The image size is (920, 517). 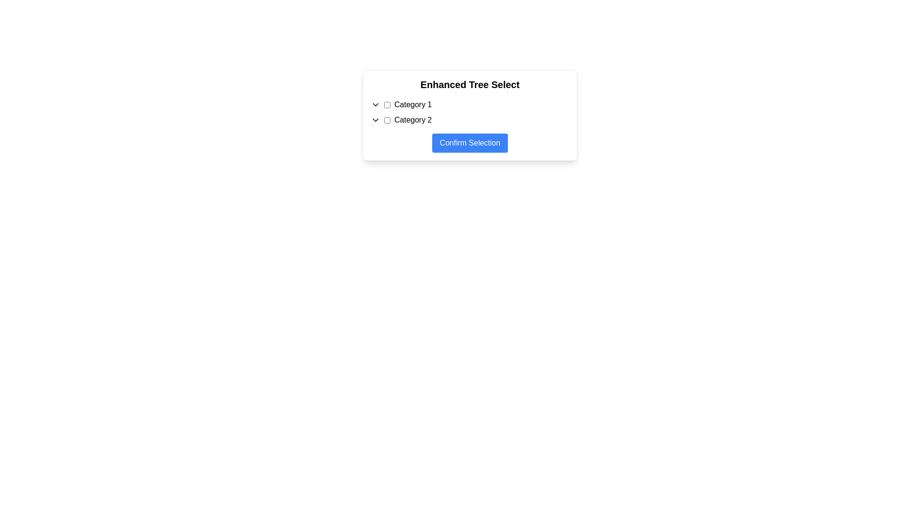 What do you see at coordinates (470, 119) in the screenshot?
I see `the selectable category option labeled 'Category 2'` at bounding box center [470, 119].